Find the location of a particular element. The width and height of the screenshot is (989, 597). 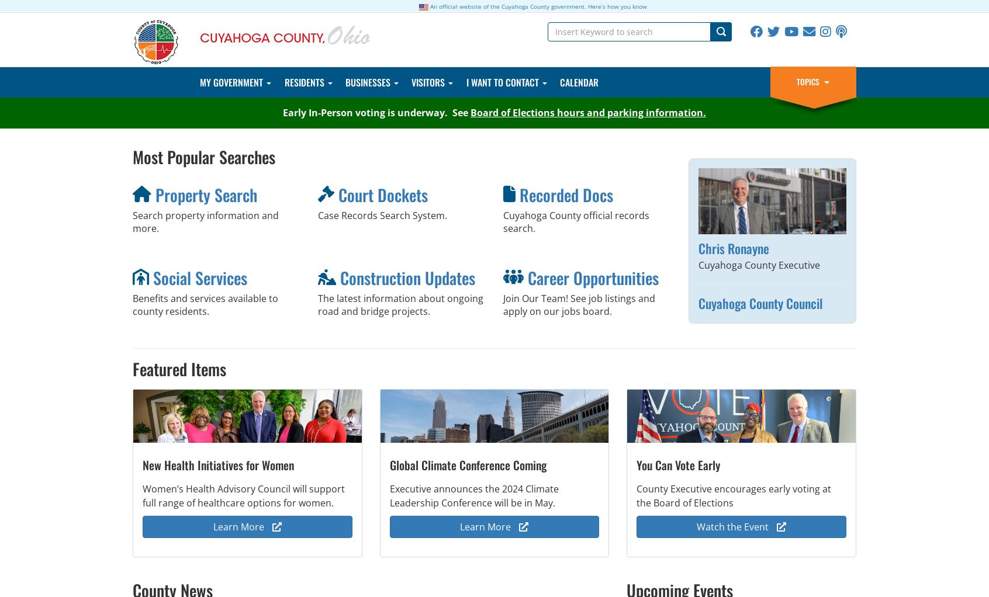

'Cuyahoga County Executive' is located at coordinates (758, 264).